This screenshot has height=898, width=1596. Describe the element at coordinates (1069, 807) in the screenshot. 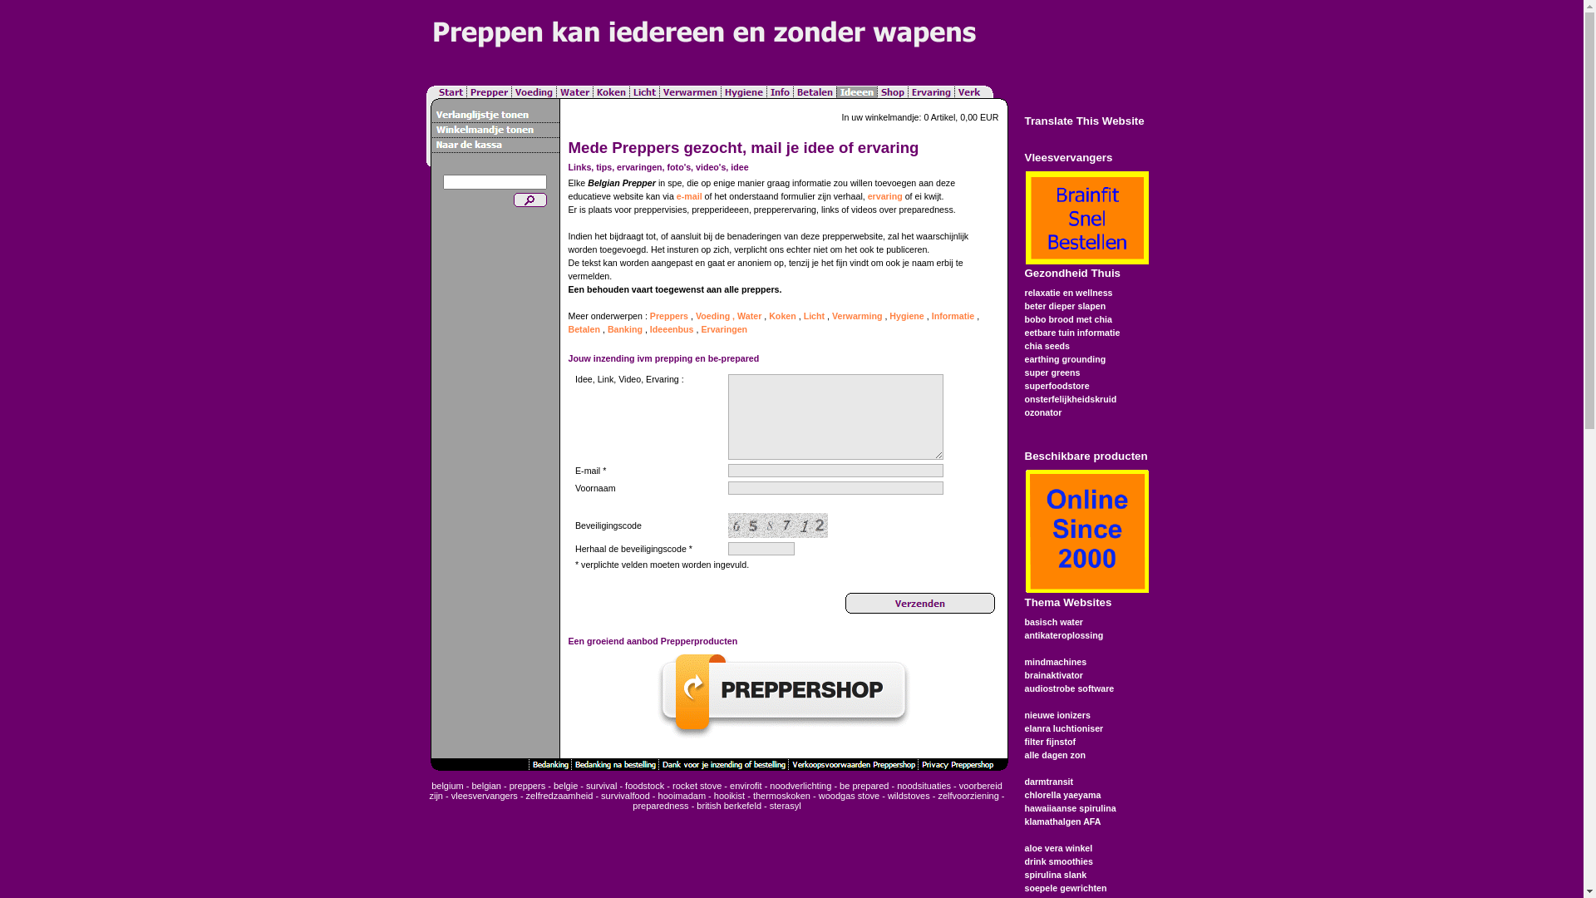

I see `'hawaiiaanse spirulina'` at that location.